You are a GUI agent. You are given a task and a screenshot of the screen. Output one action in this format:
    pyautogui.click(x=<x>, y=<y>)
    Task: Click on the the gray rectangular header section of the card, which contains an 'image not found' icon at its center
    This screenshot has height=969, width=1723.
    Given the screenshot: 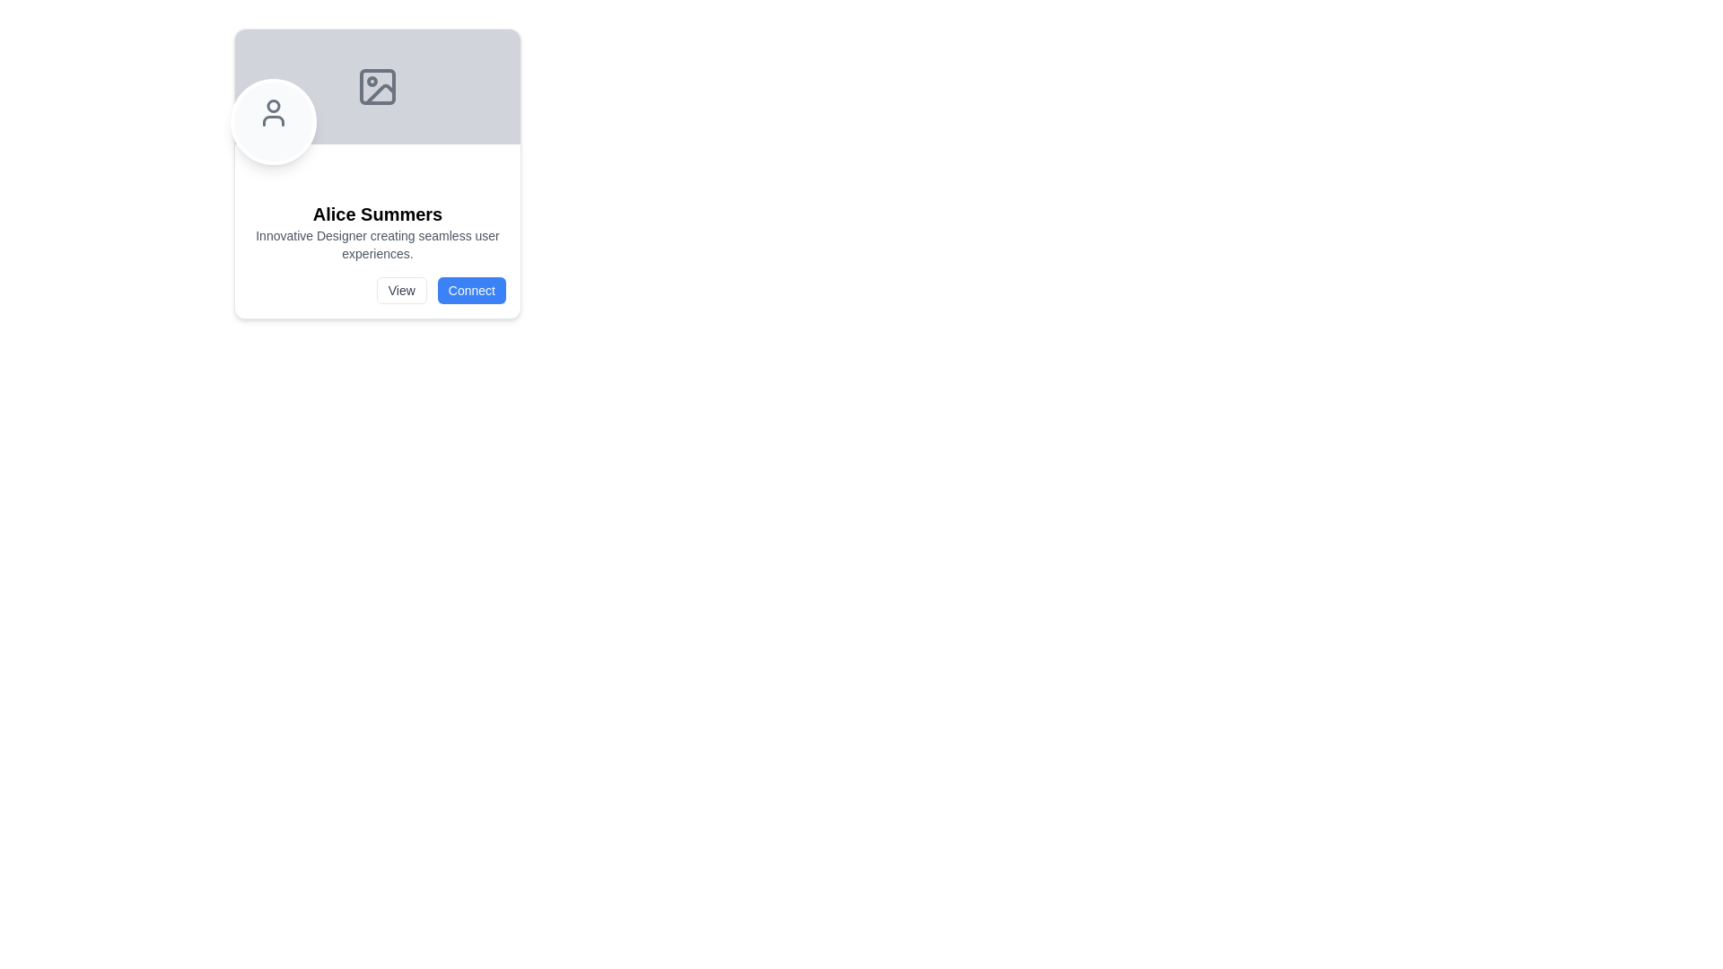 What is the action you would take?
    pyautogui.click(x=377, y=86)
    